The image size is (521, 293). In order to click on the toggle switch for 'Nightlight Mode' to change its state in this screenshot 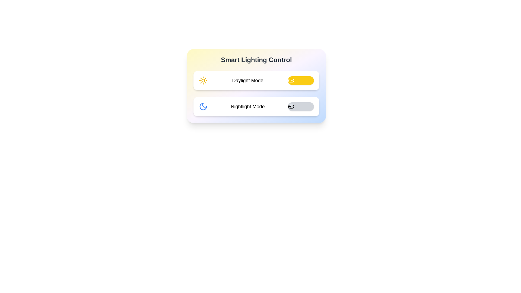, I will do `click(300, 107)`.